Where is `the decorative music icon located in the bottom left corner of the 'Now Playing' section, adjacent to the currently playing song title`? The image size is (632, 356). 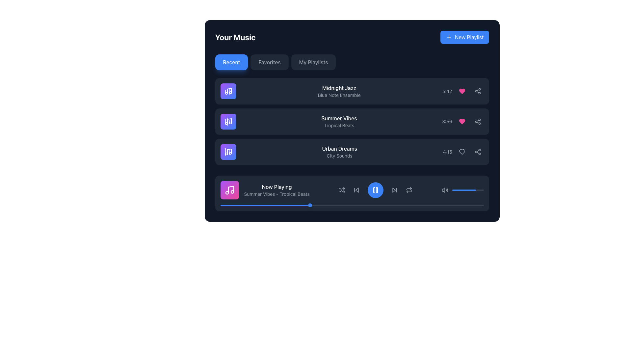 the decorative music icon located in the bottom left corner of the 'Now Playing' section, adjacent to the currently playing song title is located at coordinates (231, 189).